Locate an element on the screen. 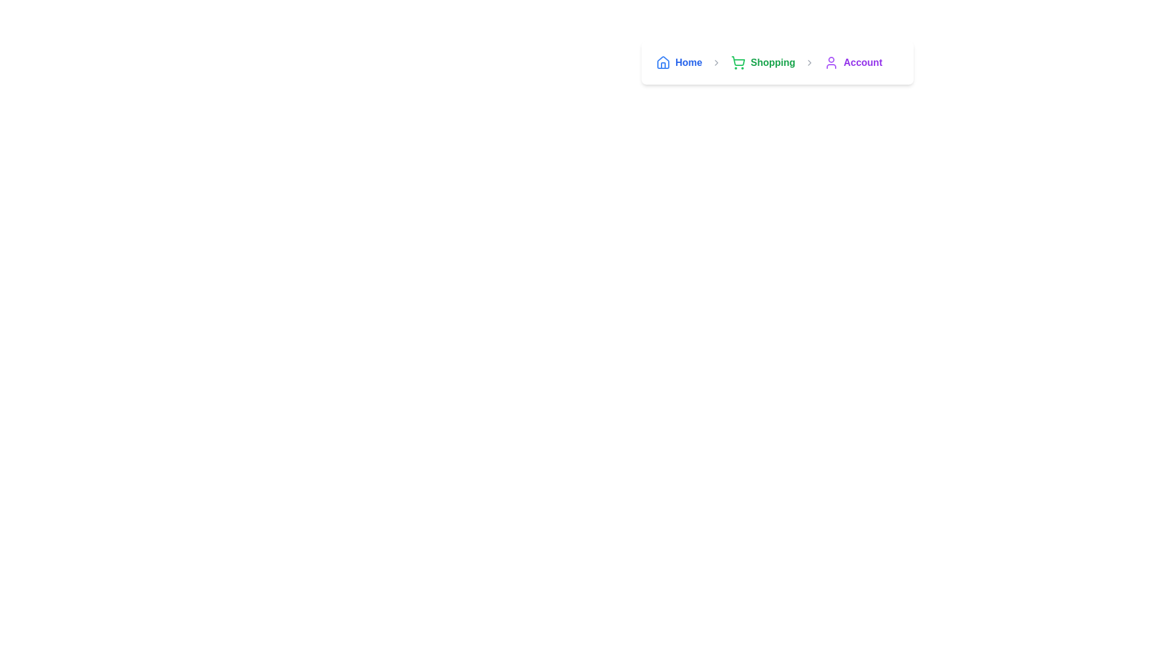 The width and height of the screenshot is (1161, 653). the purple user avatar icon located to the left of the 'Account' label in the top-right section of the interface is located at coordinates (831, 63).